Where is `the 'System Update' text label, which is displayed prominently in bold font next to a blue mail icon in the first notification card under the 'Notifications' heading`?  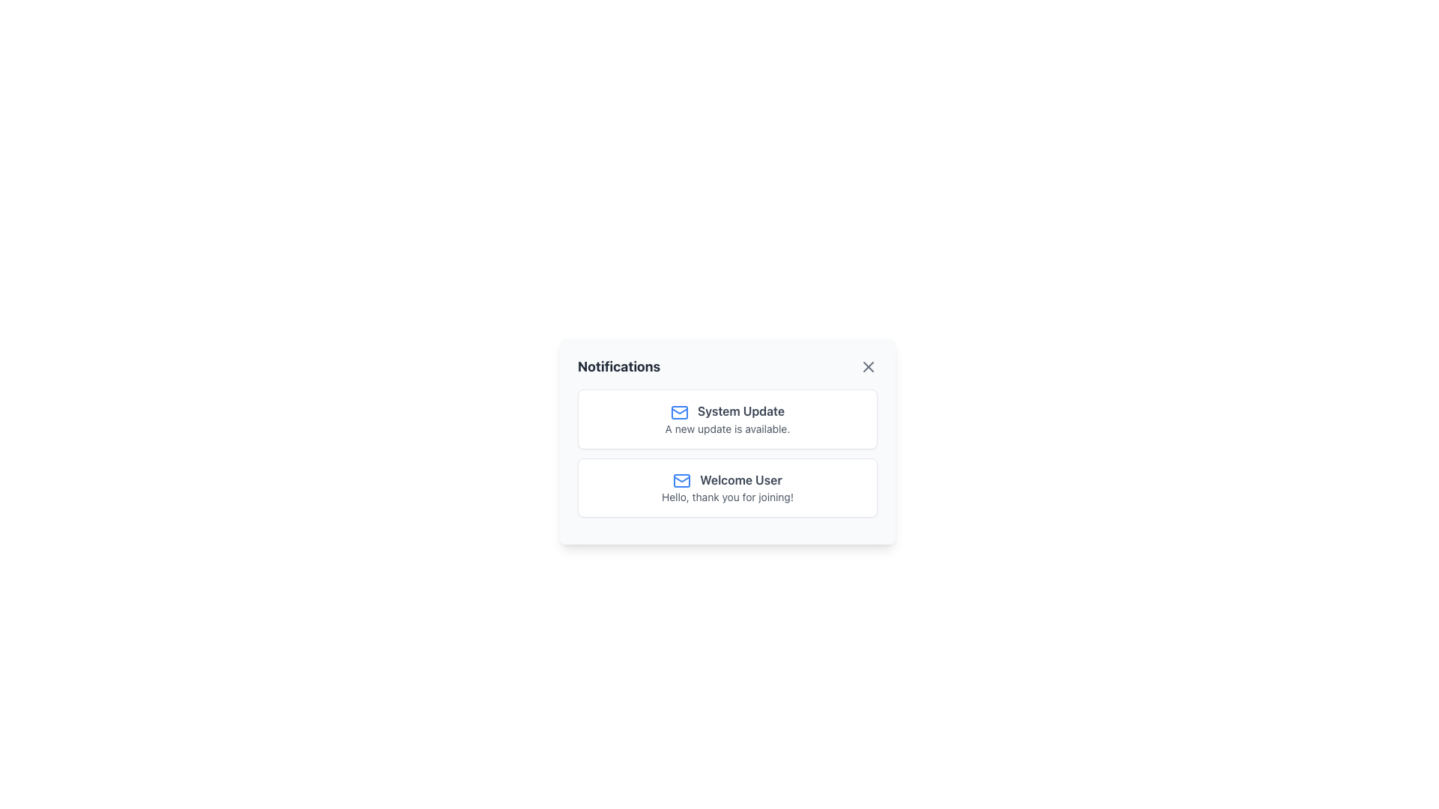 the 'System Update' text label, which is displayed prominently in bold font next to a blue mail icon in the first notification card under the 'Notifications' heading is located at coordinates (727, 410).